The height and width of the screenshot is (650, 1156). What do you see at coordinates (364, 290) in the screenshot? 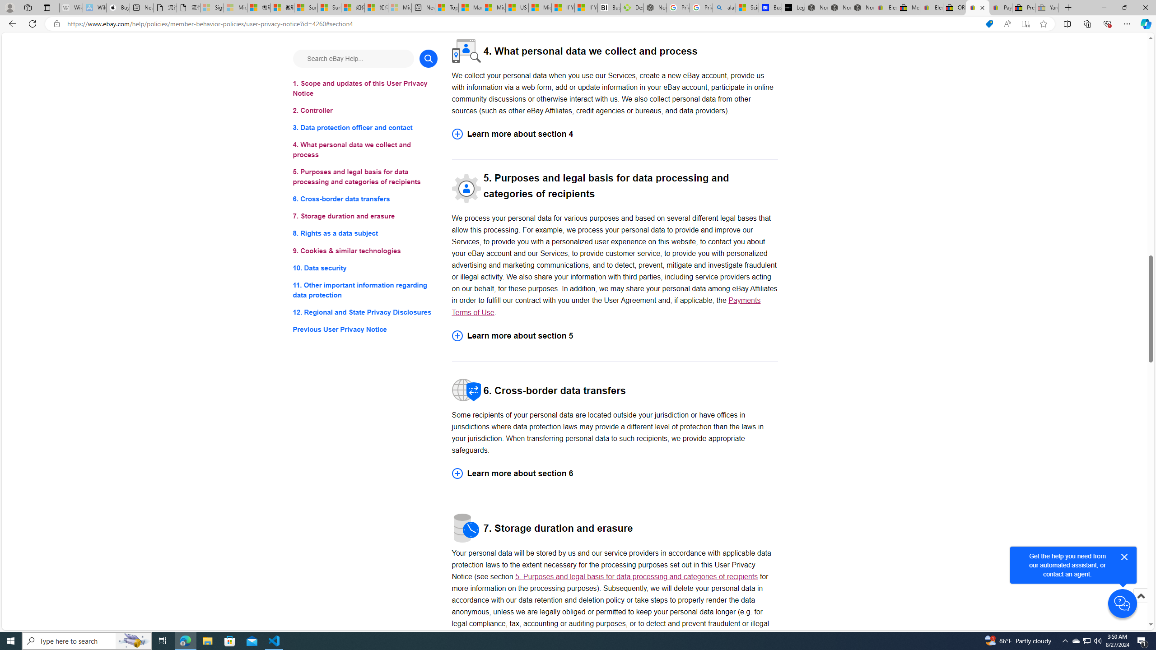
I see `'11. Other important information regarding data protection'` at bounding box center [364, 290].